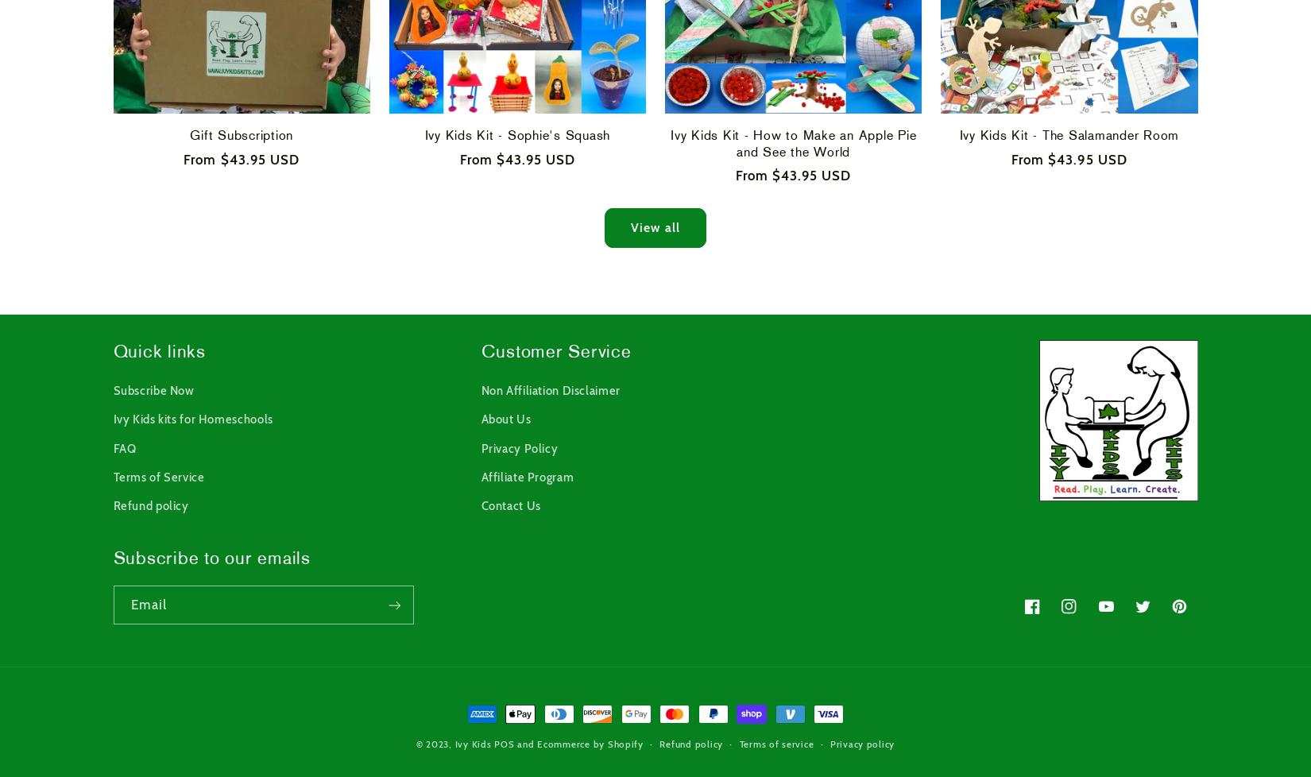 This screenshot has width=1311, height=777. I want to click on 'Email', so click(130, 603).